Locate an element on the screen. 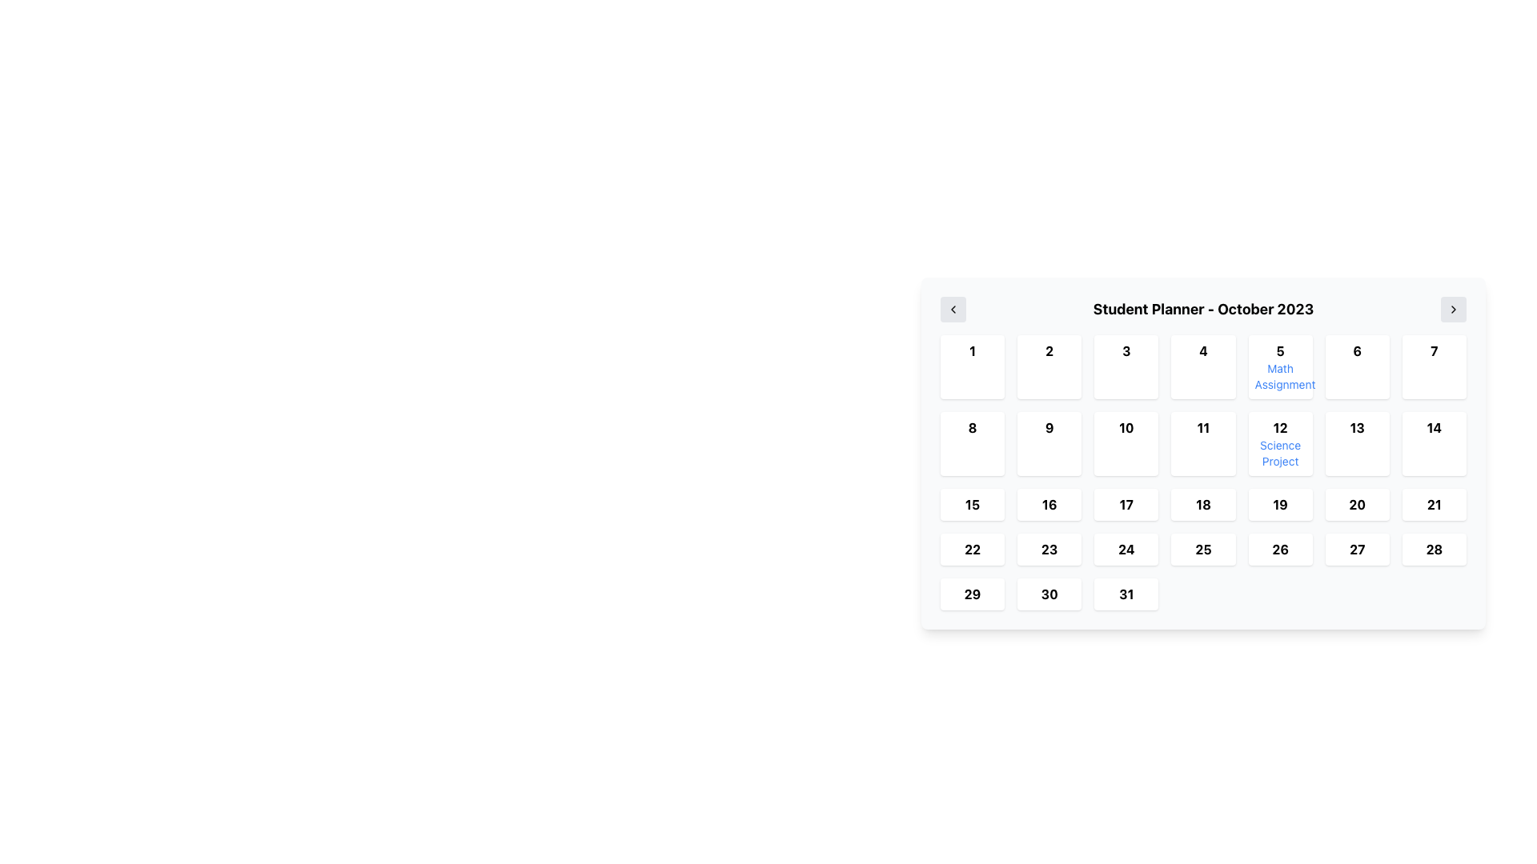  the bold number '8' displayed in a white, rounded rectangular box in the calendar interface is located at coordinates (971, 427).